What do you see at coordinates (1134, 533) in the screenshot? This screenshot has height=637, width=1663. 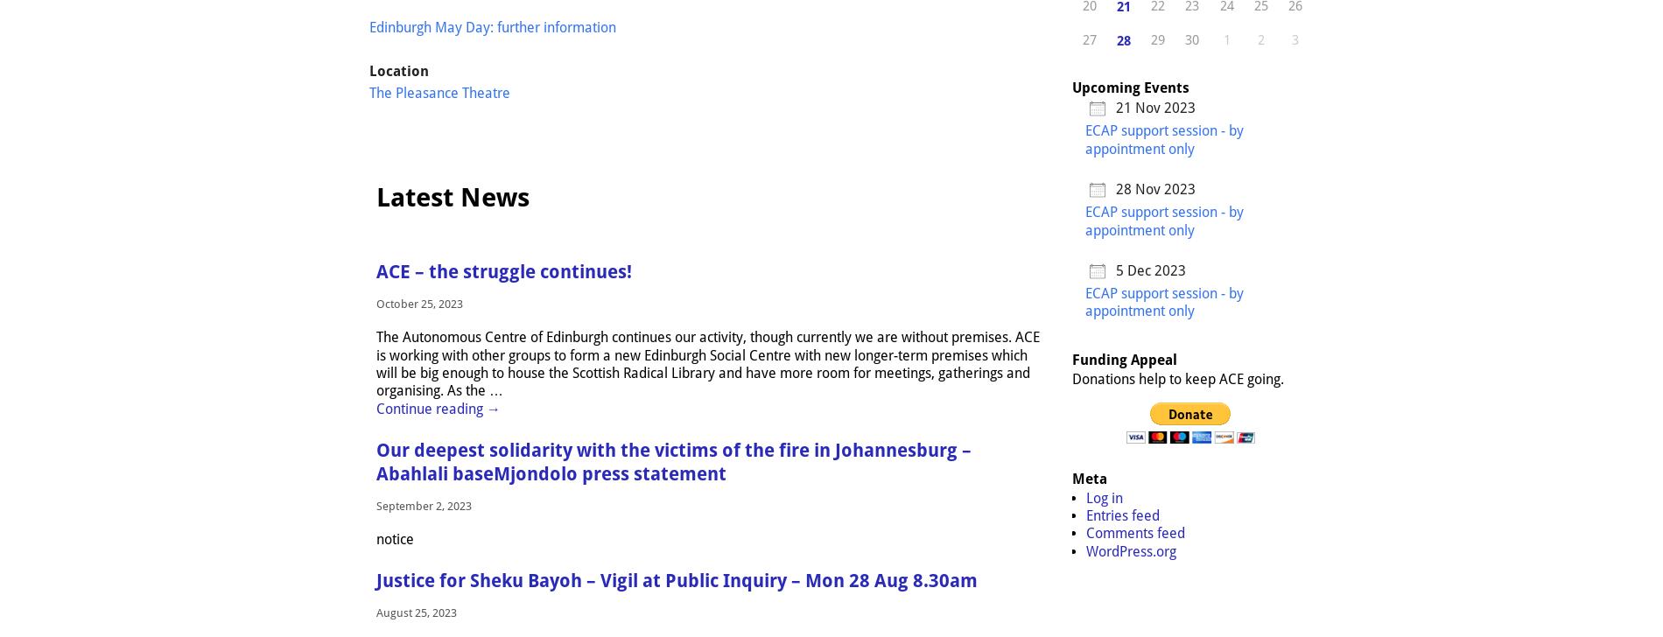 I see `'Comments feed'` at bounding box center [1134, 533].